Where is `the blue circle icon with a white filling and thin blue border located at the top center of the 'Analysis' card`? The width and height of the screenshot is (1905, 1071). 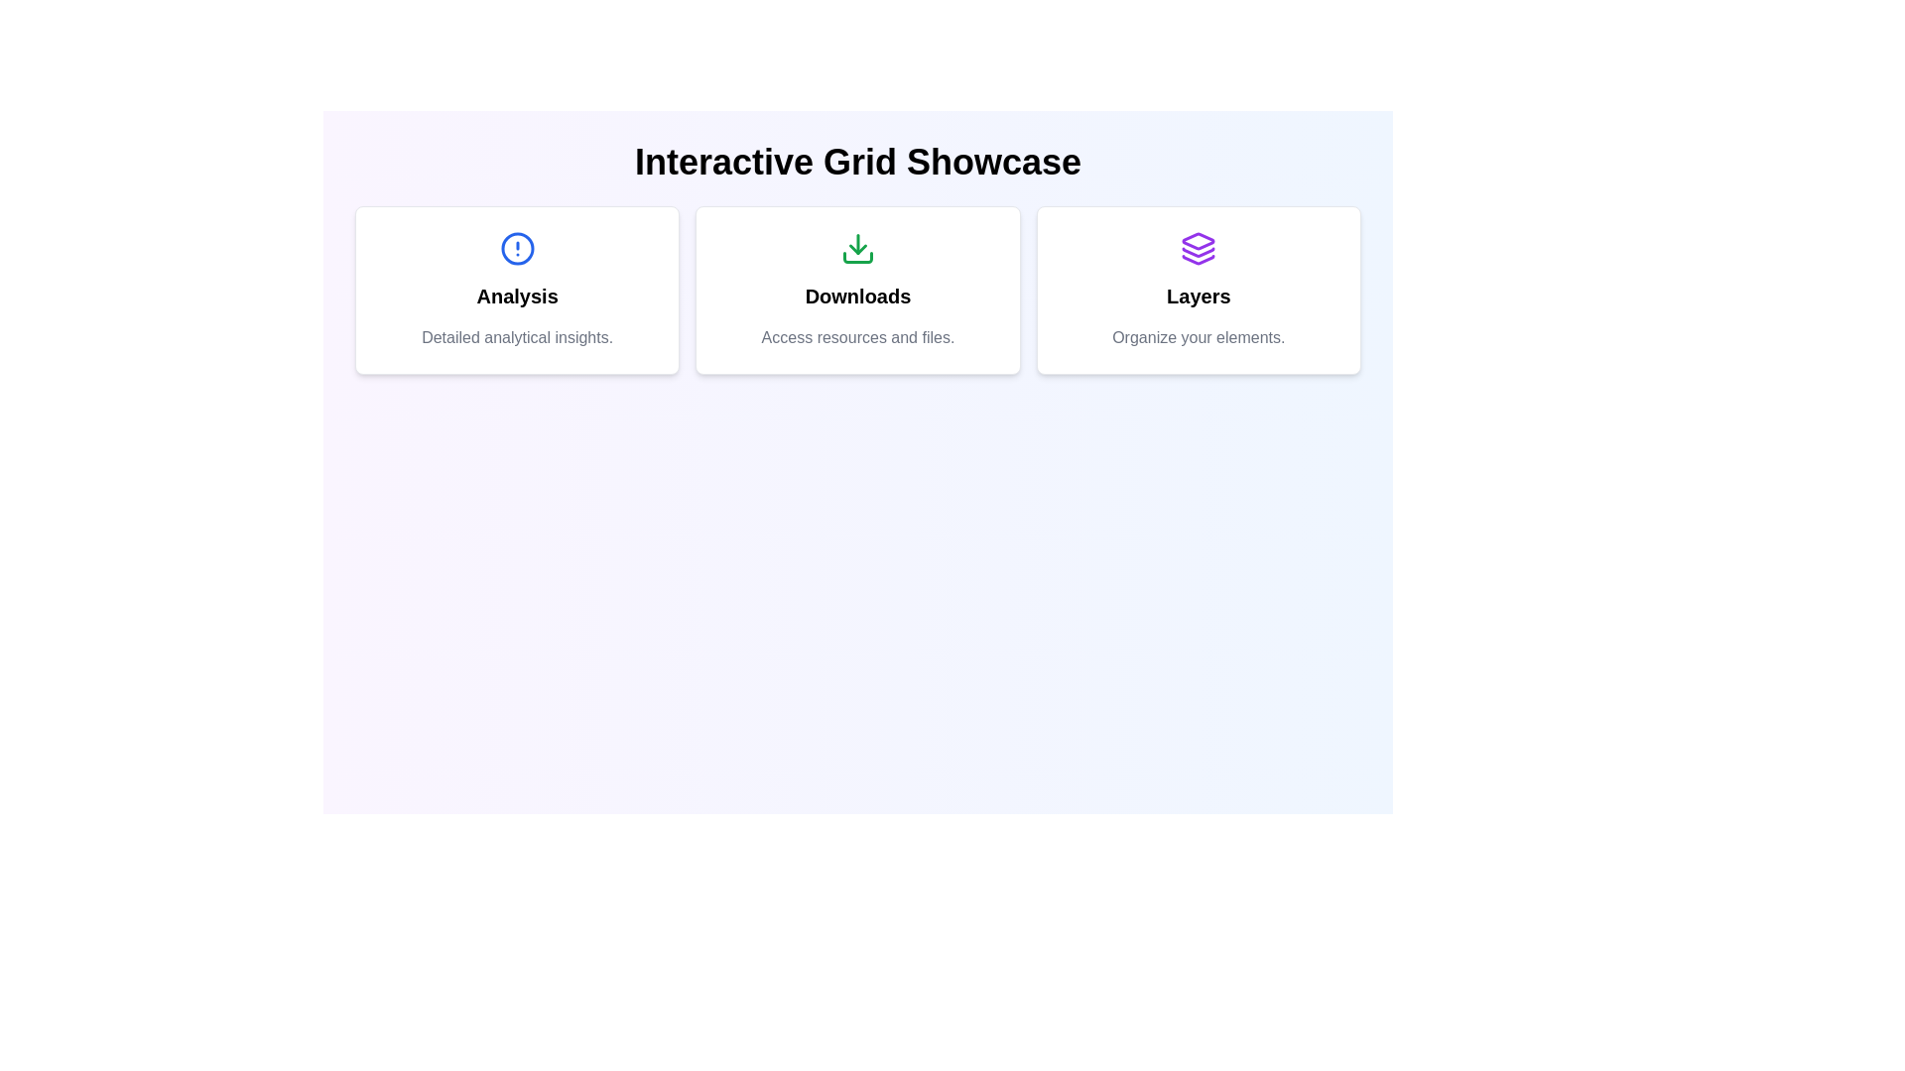 the blue circle icon with a white filling and thin blue border located at the top center of the 'Analysis' card is located at coordinates (517, 247).